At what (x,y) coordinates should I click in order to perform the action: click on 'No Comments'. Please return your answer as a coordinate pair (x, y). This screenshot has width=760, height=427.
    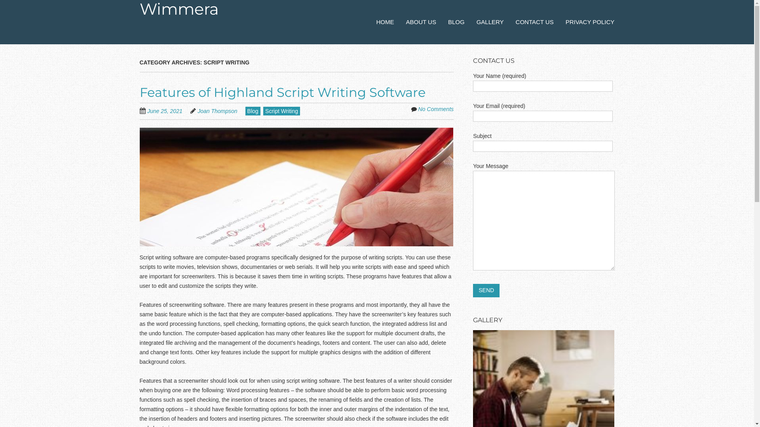
    Looking at the image, I should click on (435, 109).